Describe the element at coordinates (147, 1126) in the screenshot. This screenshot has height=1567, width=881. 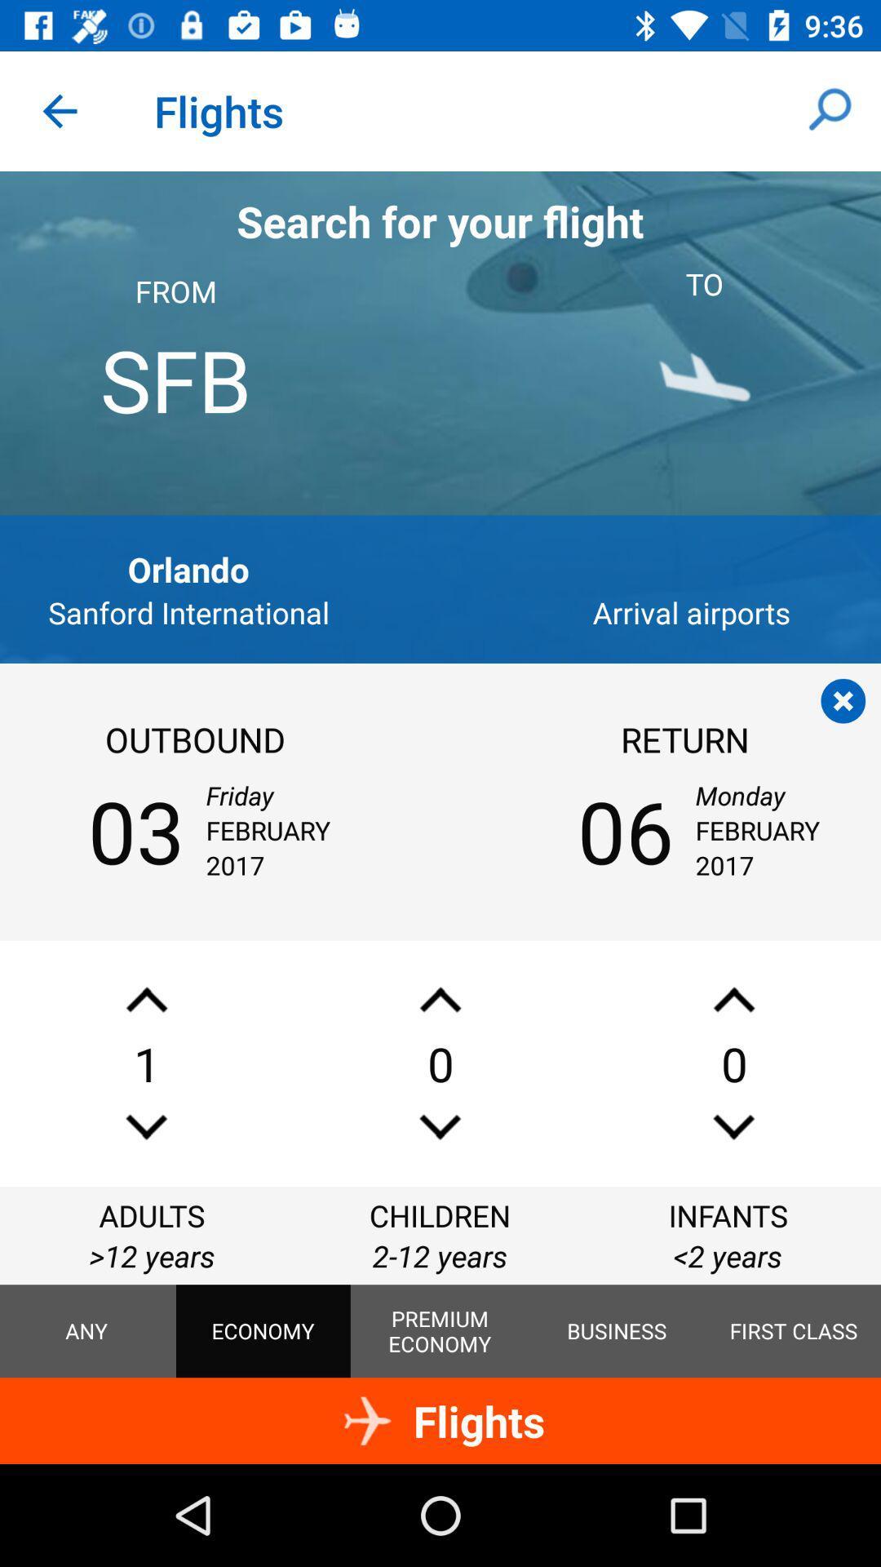
I see `decrease the number of adults` at that location.